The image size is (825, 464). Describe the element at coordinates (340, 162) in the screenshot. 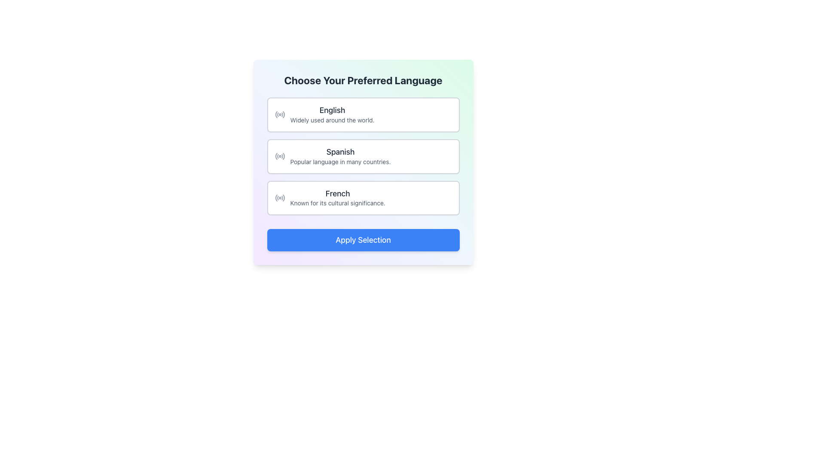

I see `the text label that explains 'Spanish' as a popular language, located directly below the 'Spanish' header and centrally aligned within the second selectable language option box` at that location.